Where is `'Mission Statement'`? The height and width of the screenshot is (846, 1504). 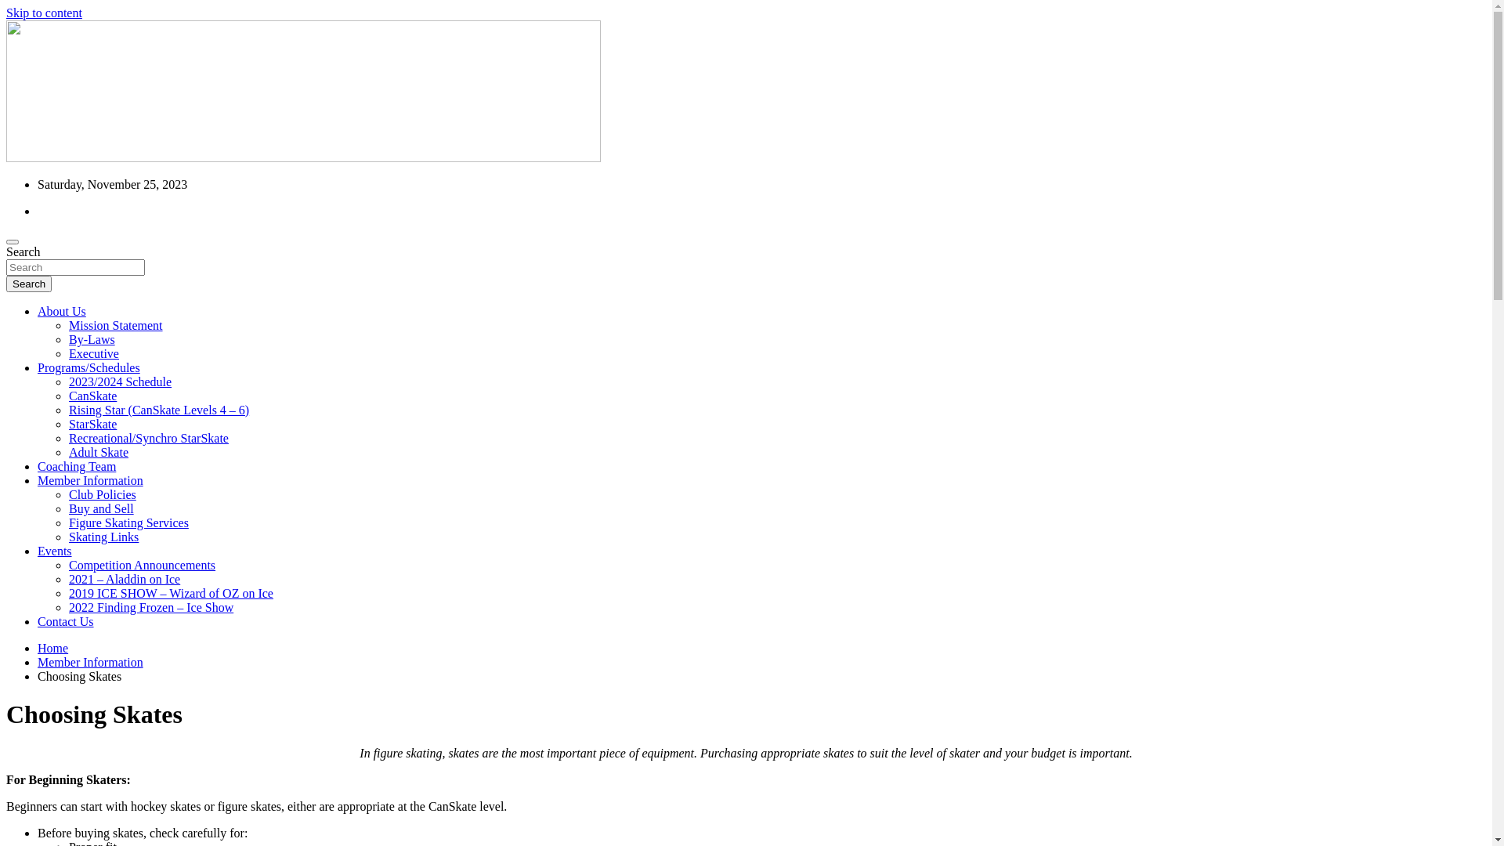
'Mission Statement' is located at coordinates (67, 324).